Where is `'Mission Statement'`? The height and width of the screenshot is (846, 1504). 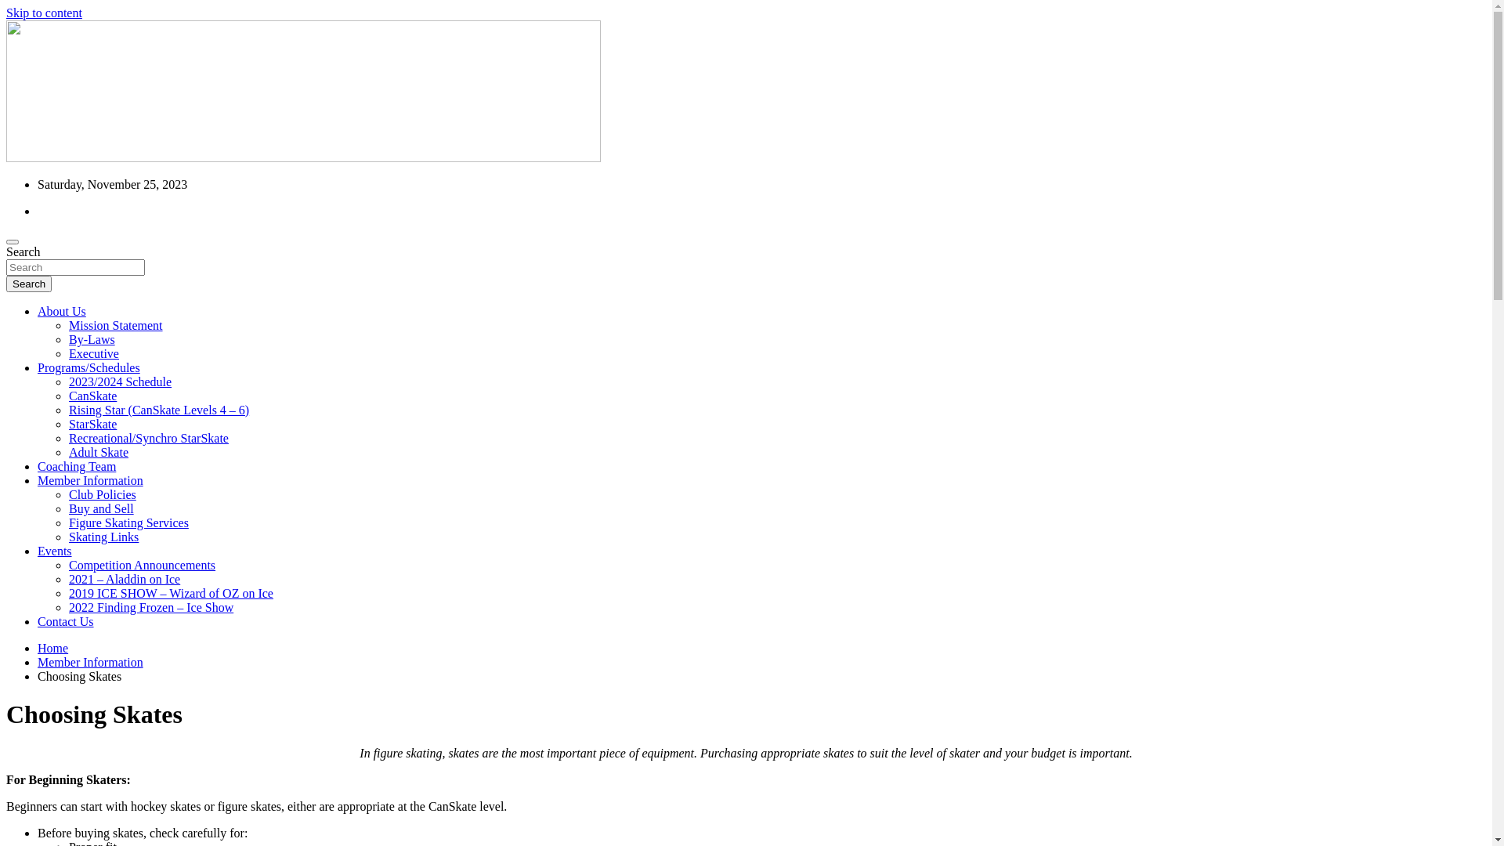
'Mission Statement' is located at coordinates (67, 324).